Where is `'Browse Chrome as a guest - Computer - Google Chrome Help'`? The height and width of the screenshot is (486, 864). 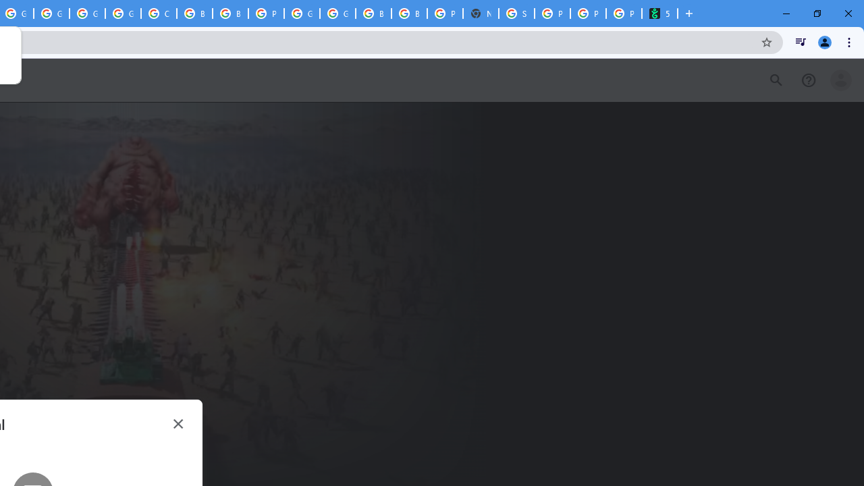 'Browse Chrome as a guest - Computer - Google Chrome Help' is located at coordinates (194, 13).